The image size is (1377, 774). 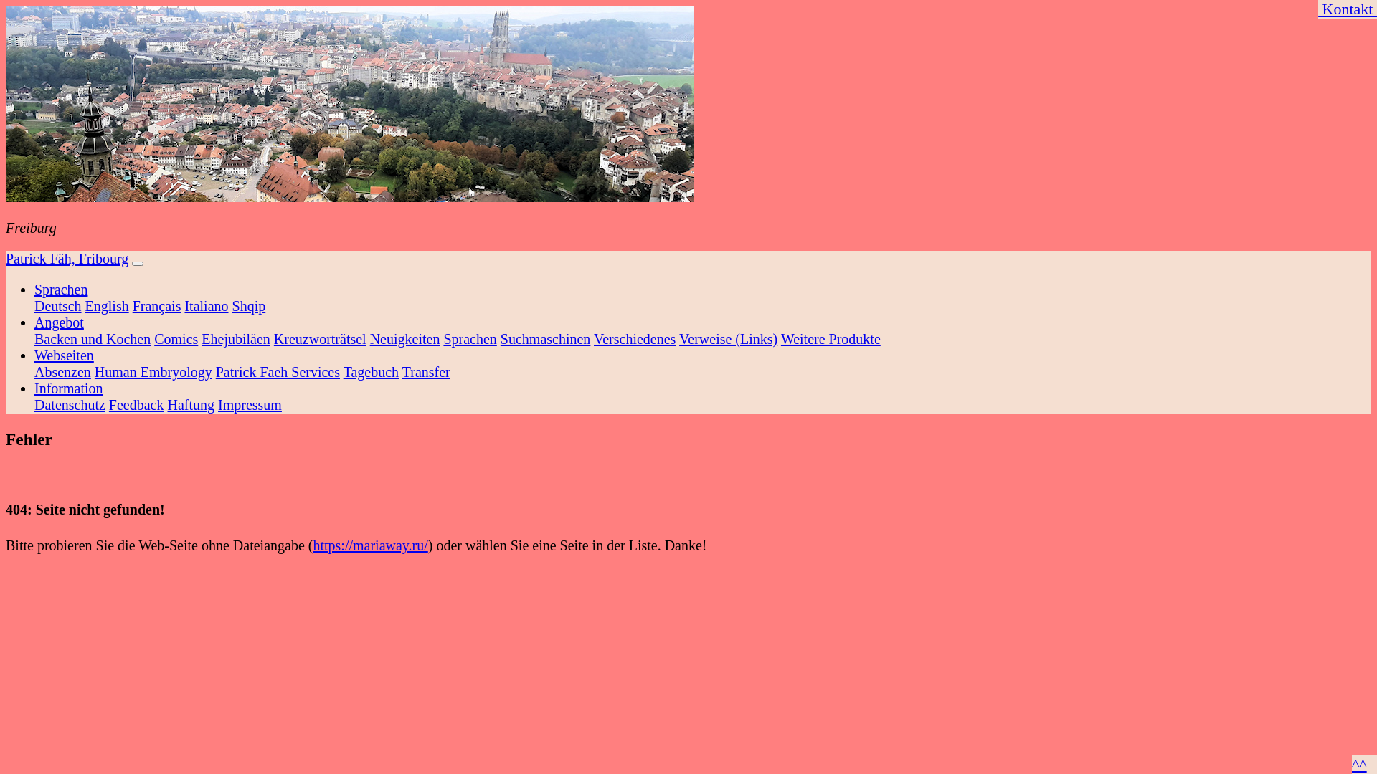 What do you see at coordinates (633, 339) in the screenshot?
I see `'Verschiedenes'` at bounding box center [633, 339].